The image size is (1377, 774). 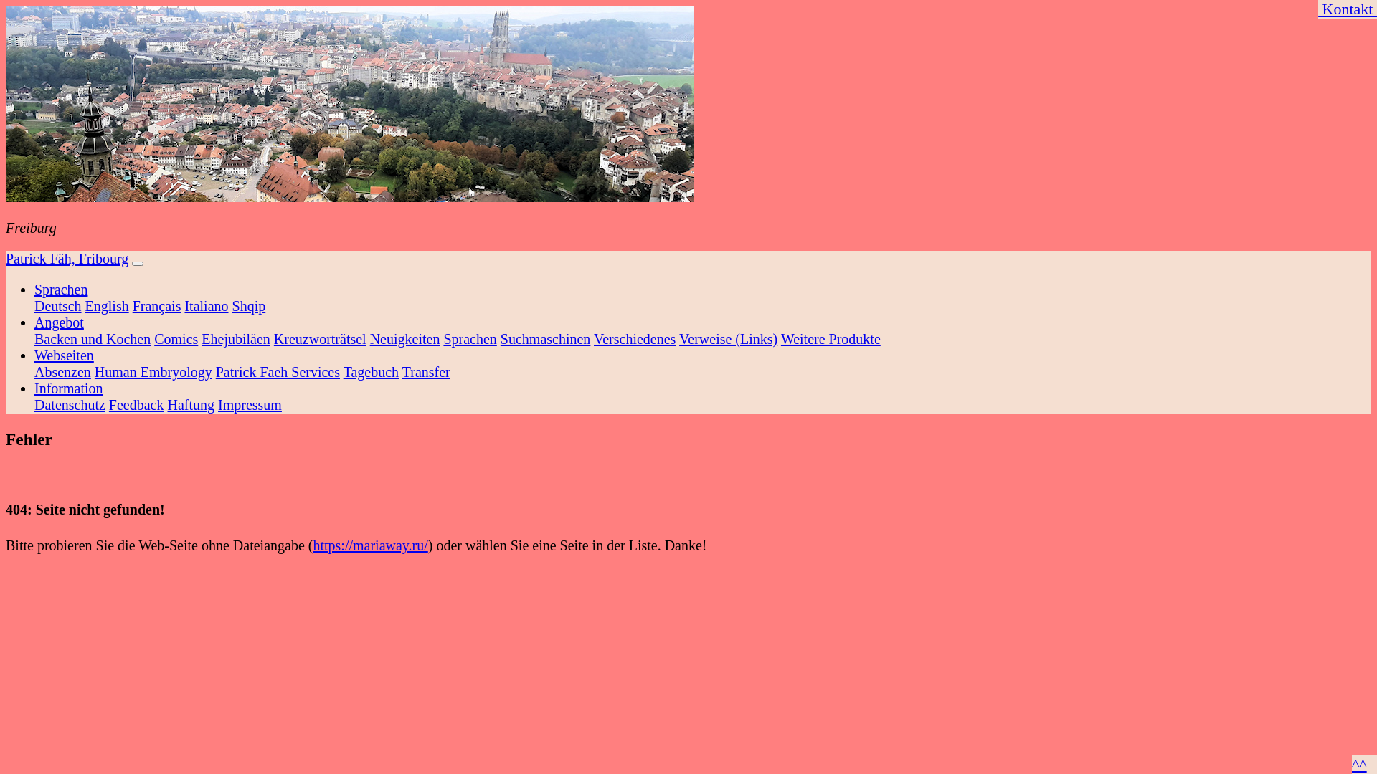 What do you see at coordinates (633, 339) in the screenshot?
I see `'Verschiedenes'` at bounding box center [633, 339].